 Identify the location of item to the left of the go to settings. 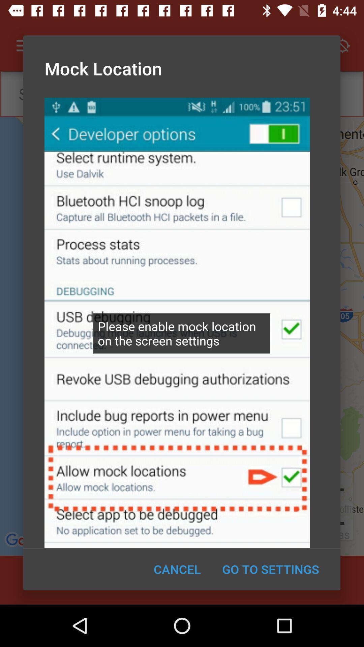
(177, 569).